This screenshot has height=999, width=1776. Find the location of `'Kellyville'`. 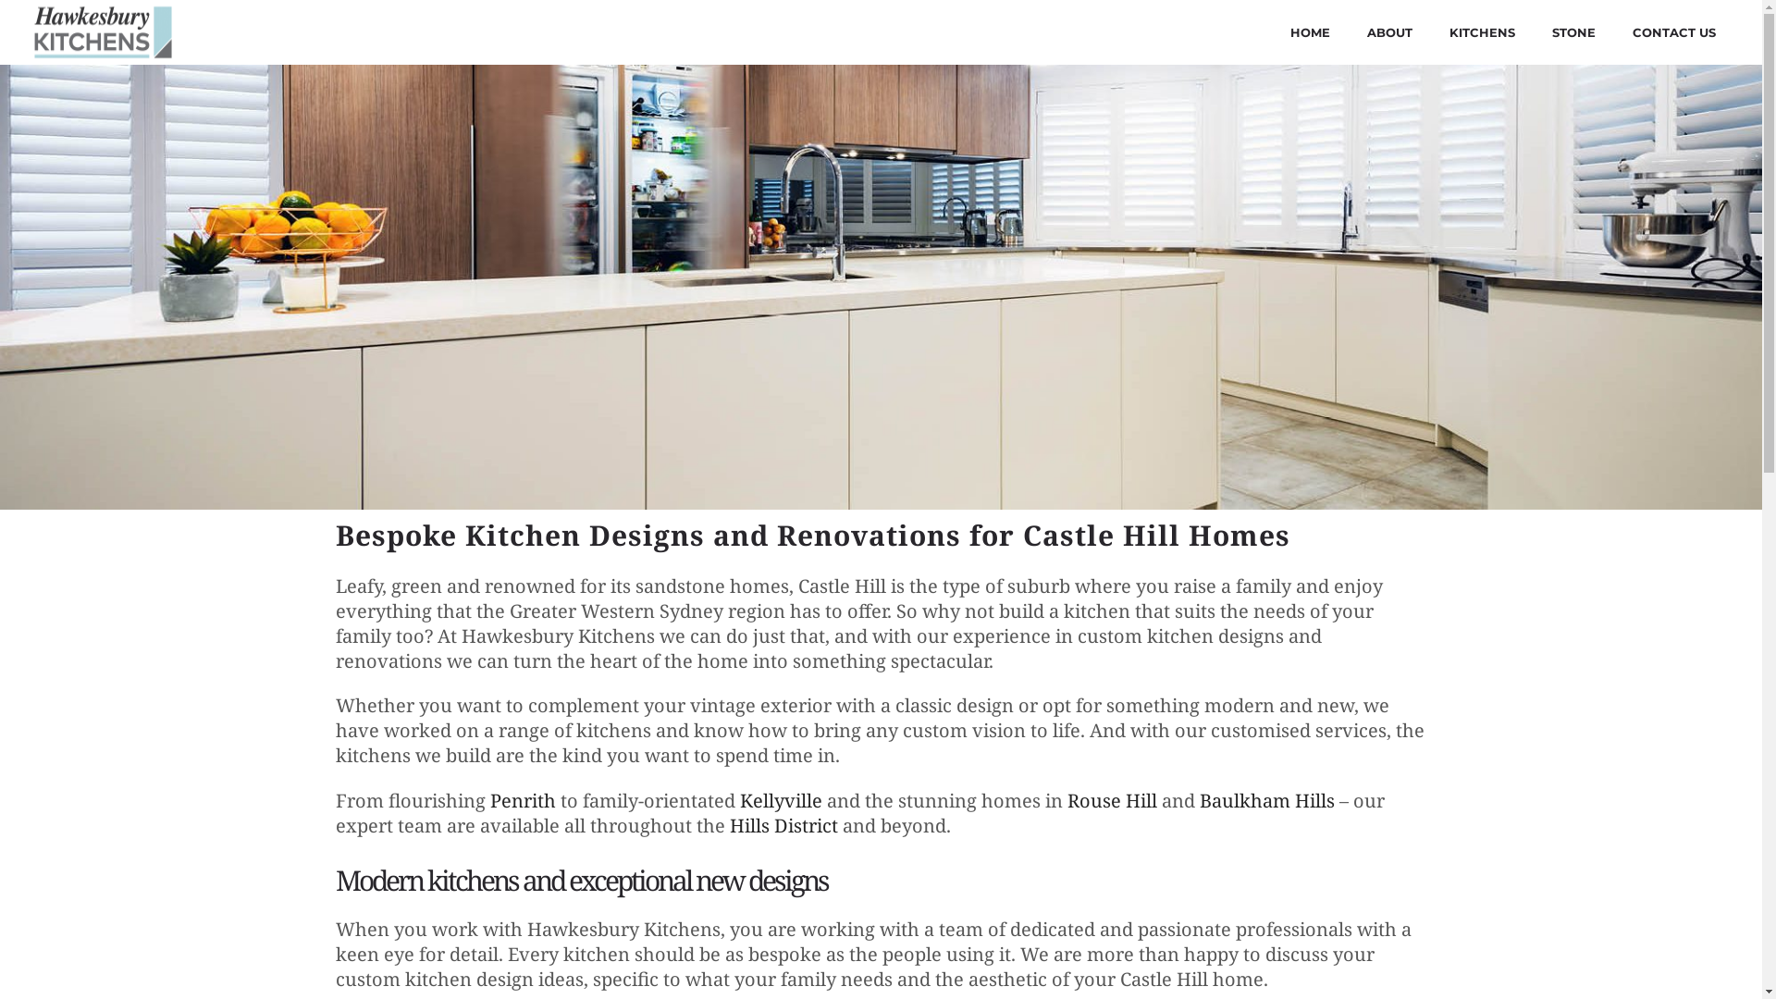

'Kellyville' is located at coordinates (781, 799).